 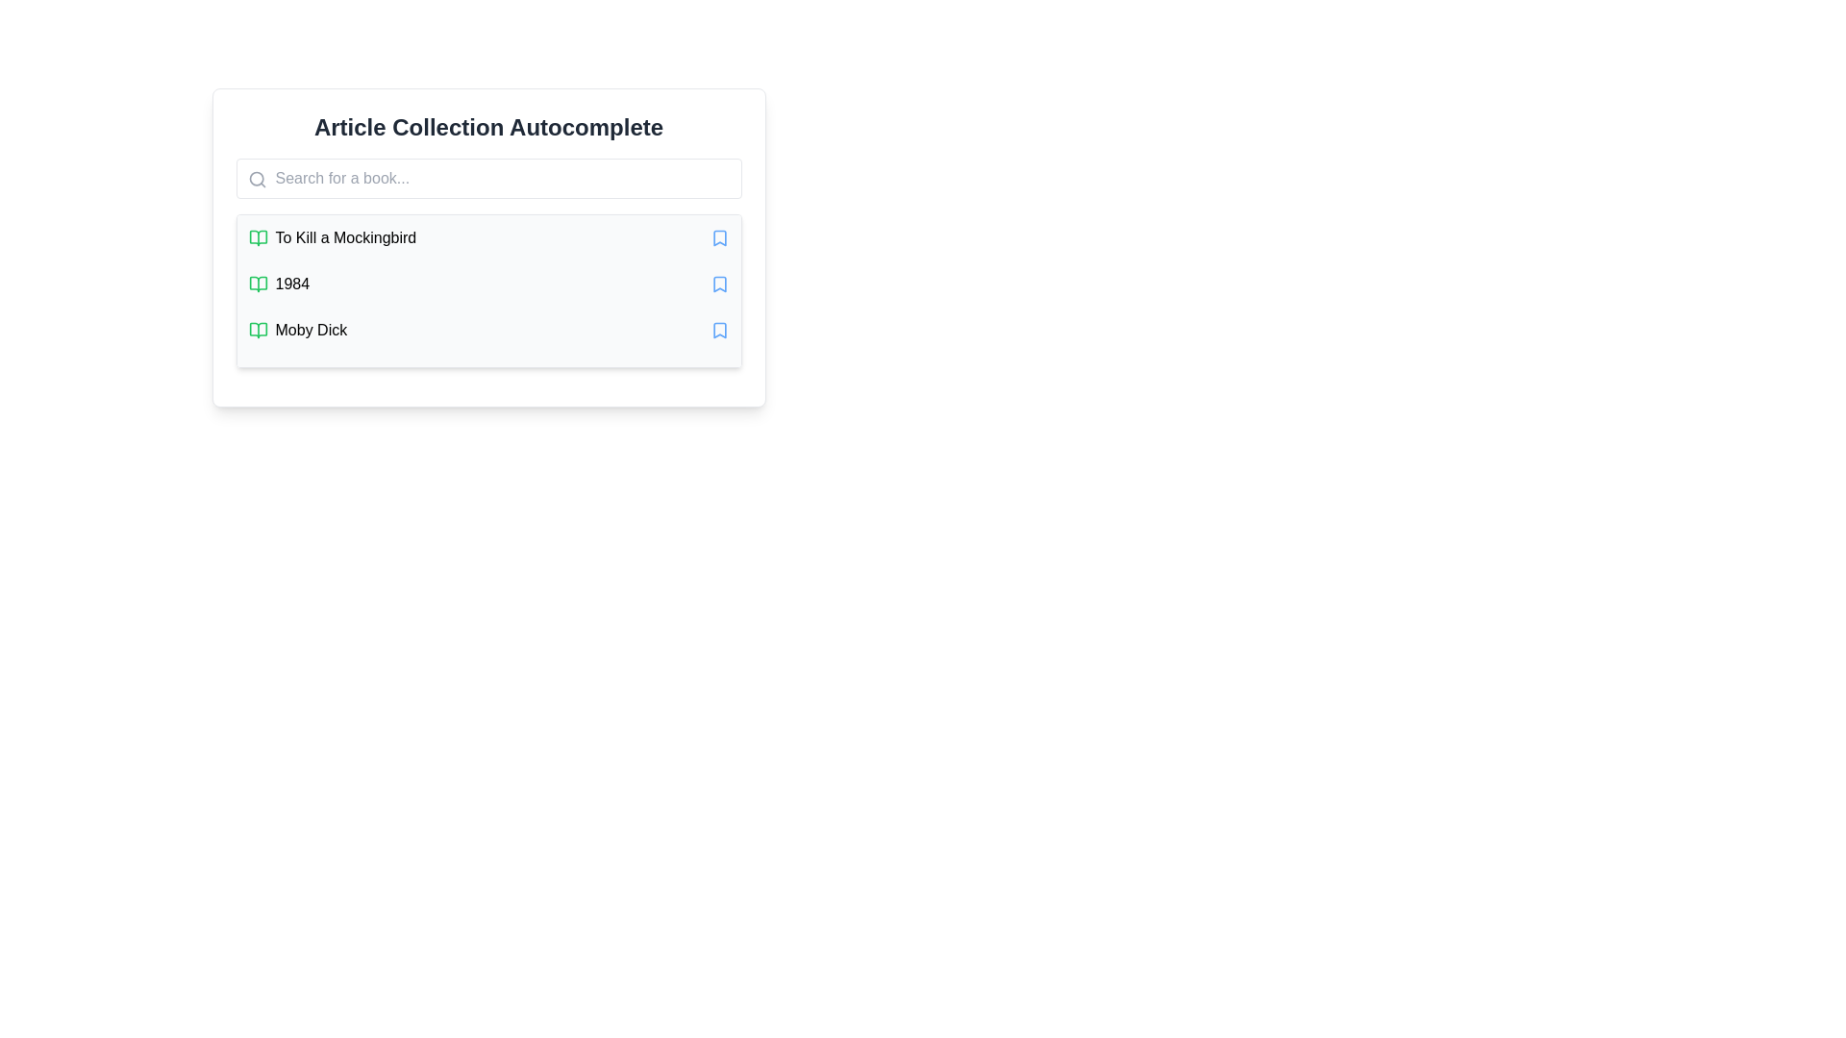 What do you see at coordinates (257, 236) in the screenshot?
I see `the green outlined open book icon located to the left of the text 'To Kill a Mockingbird' in the Article Collection Autocomplete list` at bounding box center [257, 236].